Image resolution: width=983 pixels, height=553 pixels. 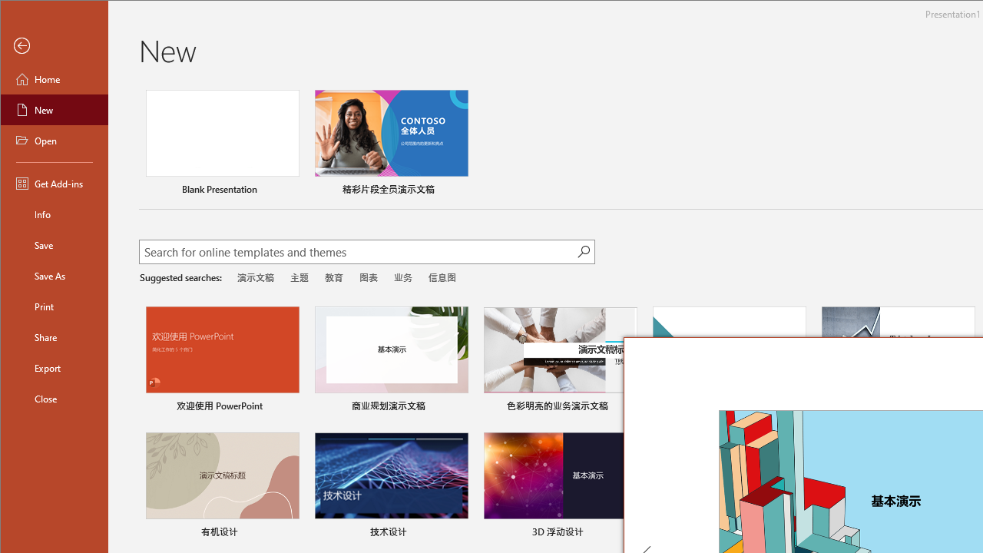 I want to click on 'Info', so click(x=55, y=214).